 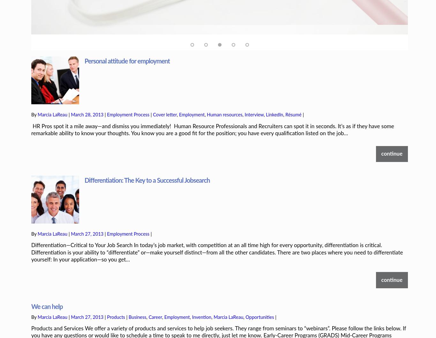 I want to click on 'LinkedIn', so click(x=274, y=93).